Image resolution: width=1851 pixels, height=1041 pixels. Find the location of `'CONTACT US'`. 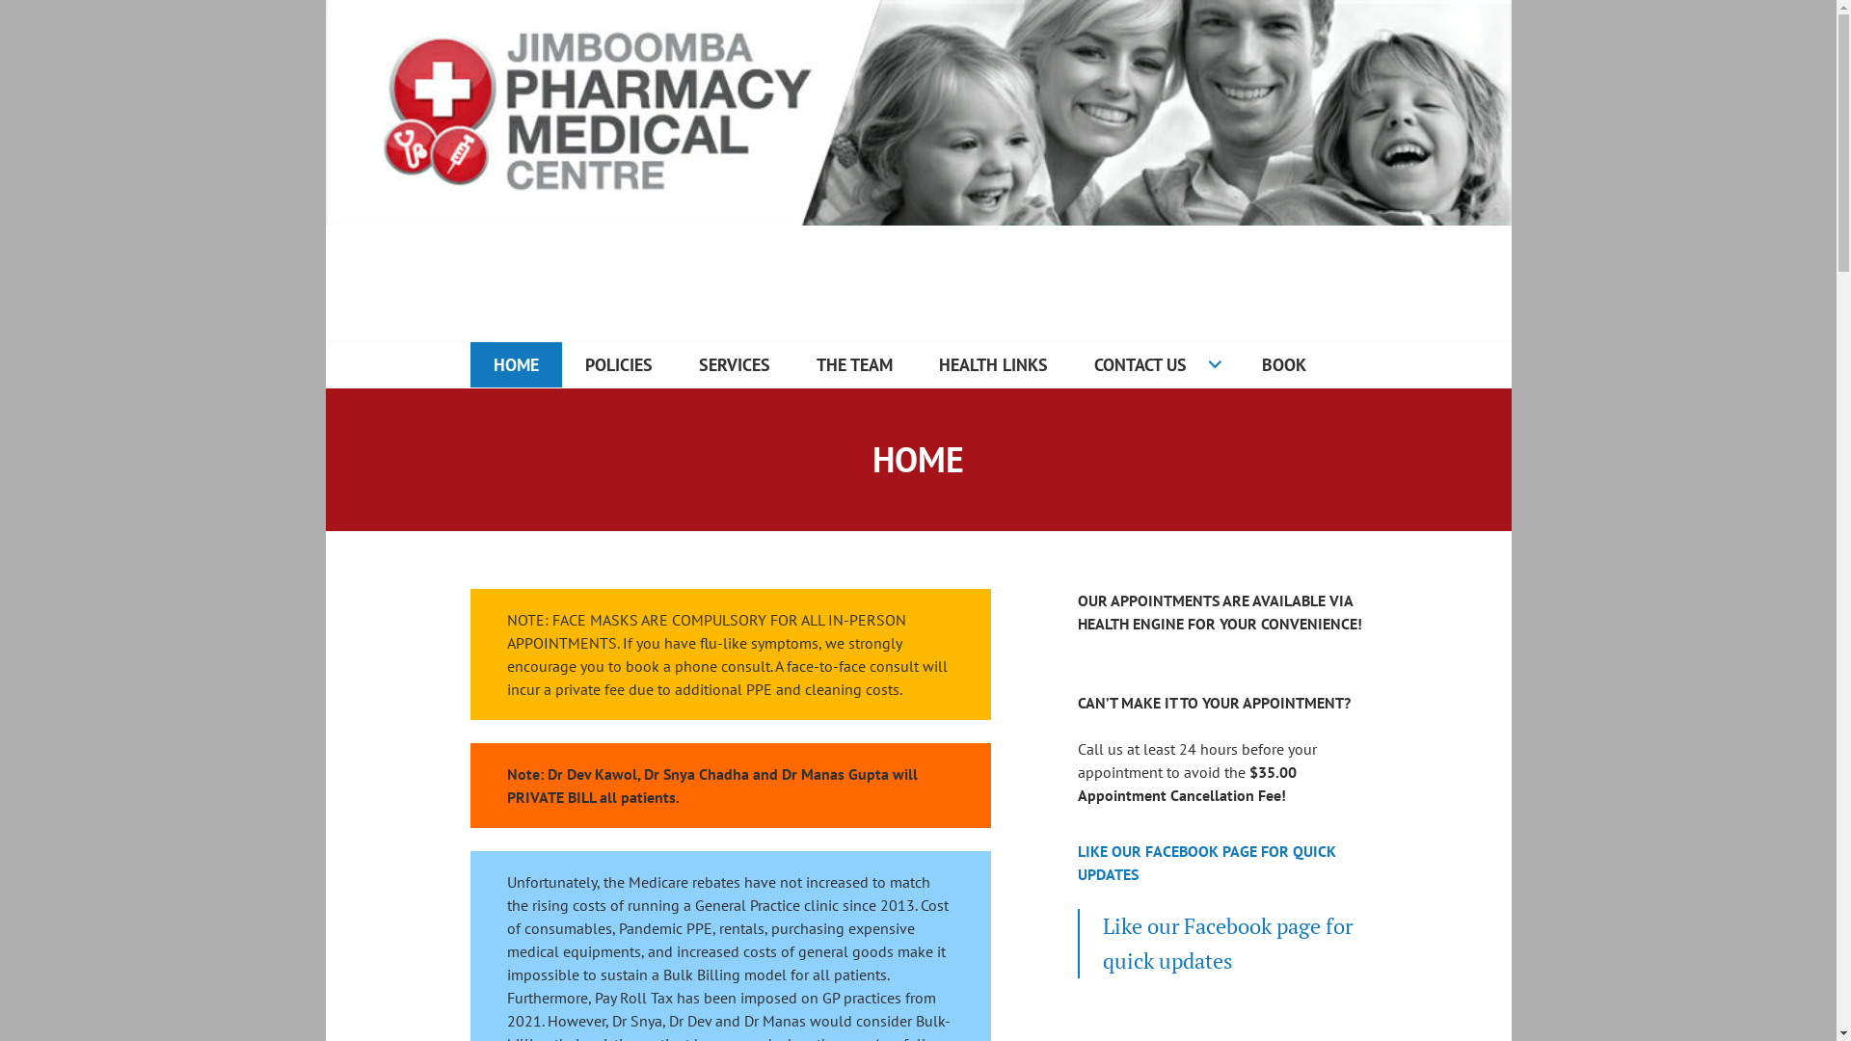

'CONTACT US' is located at coordinates (1153, 364).